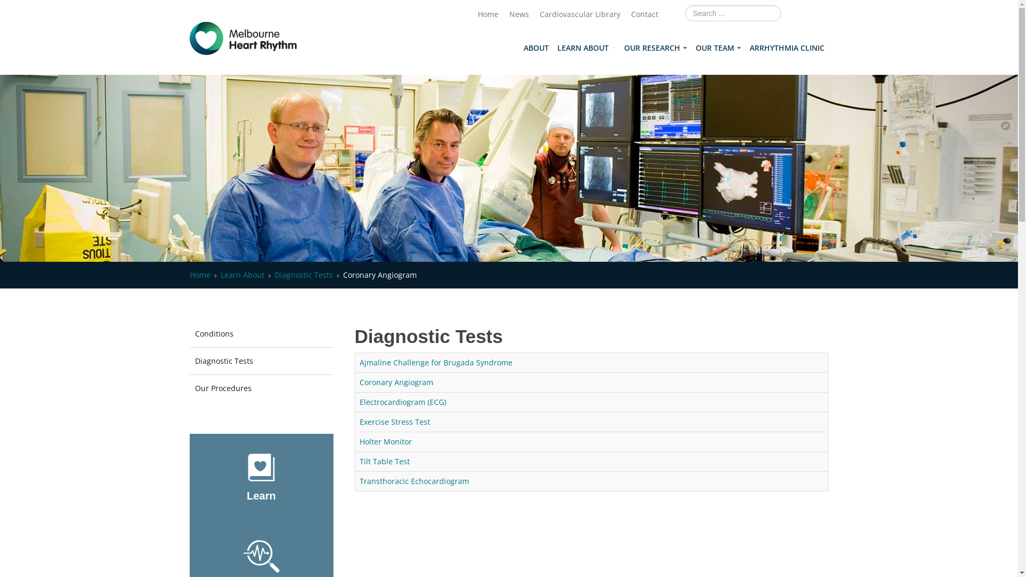 The width and height of the screenshot is (1026, 577). Describe the element at coordinates (643, 14) in the screenshot. I see `'Contact'` at that location.